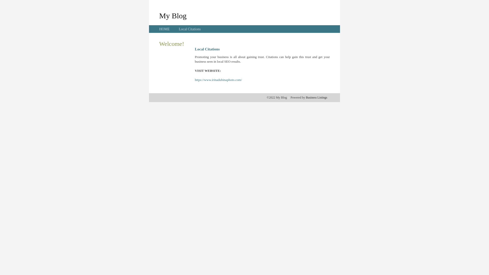 This screenshot has width=489, height=275. Describe the element at coordinates (159, 29) in the screenshot. I see `'HOME'` at that location.